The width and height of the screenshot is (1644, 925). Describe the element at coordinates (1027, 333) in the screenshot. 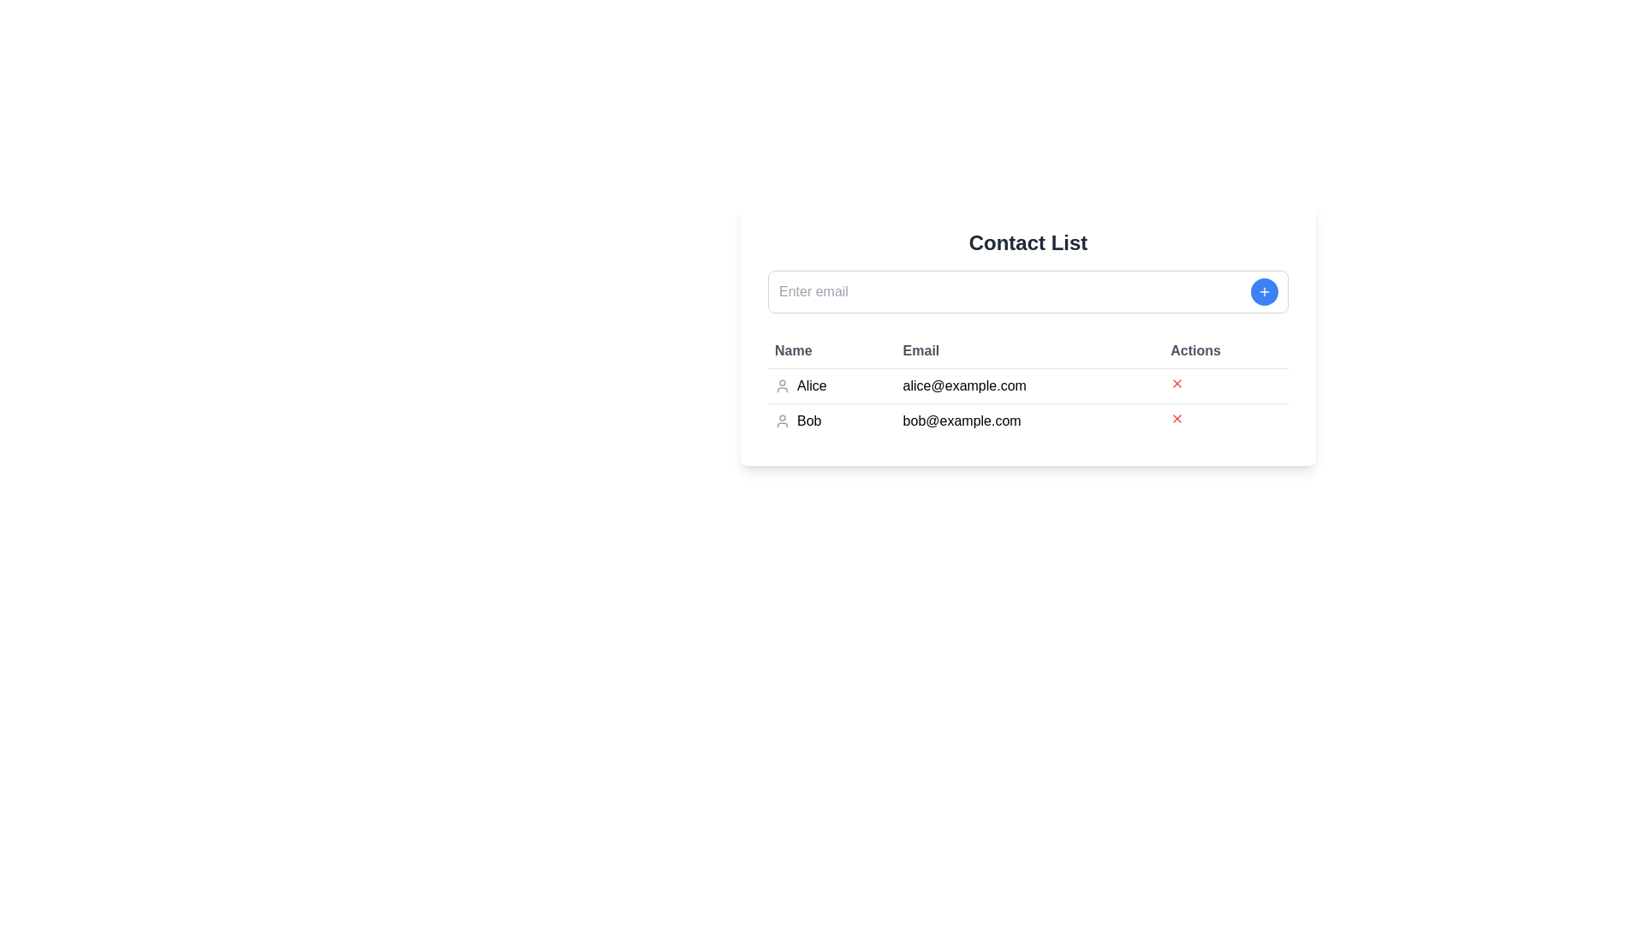

I see `the email entry in the contact information table section` at that location.